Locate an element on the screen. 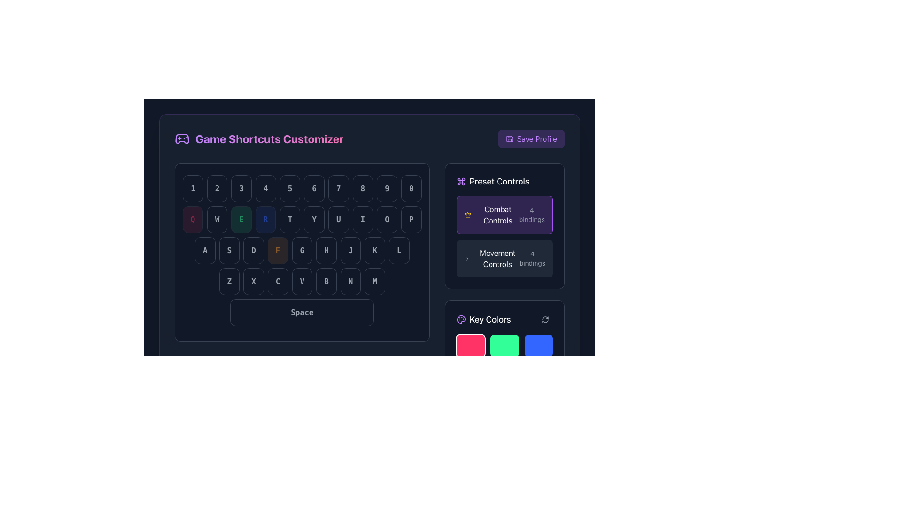 Image resolution: width=902 pixels, height=507 pixels. the virtual keyboard key labeled 'W', which is the third key from the left in the row of keyboard keys, positioned beneath the 'Game Shortcuts Customizer' header is located at coordinates (217, 219).